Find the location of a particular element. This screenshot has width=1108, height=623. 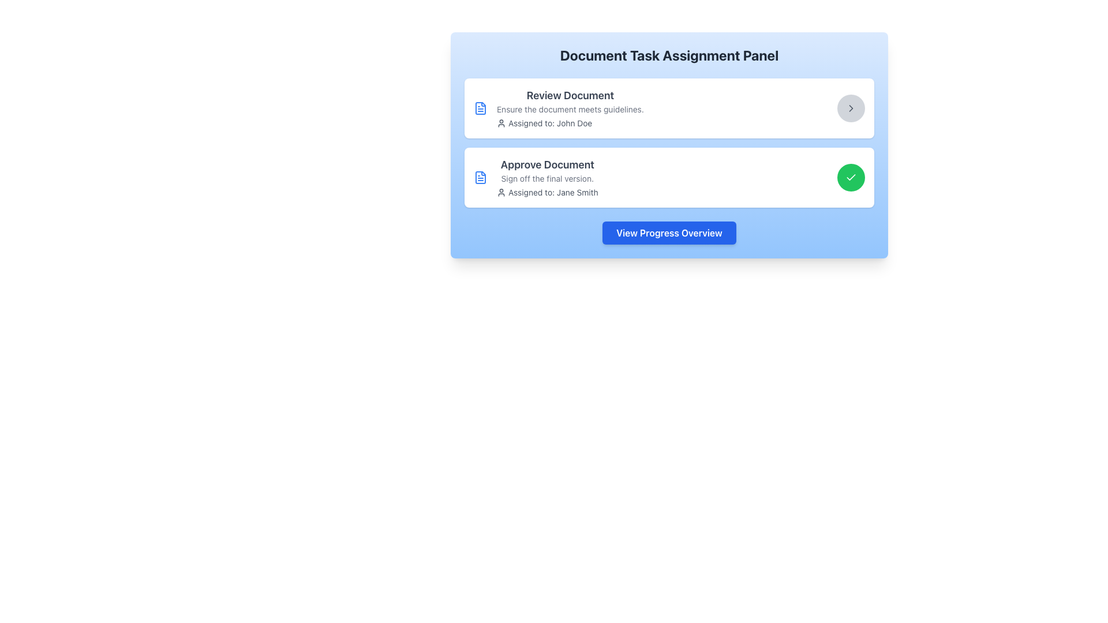

the informational text block that provides details about the task titled 'Review Document', which includes a description and an assignee, to focus on the associated item is located at coordinates (570, 108).